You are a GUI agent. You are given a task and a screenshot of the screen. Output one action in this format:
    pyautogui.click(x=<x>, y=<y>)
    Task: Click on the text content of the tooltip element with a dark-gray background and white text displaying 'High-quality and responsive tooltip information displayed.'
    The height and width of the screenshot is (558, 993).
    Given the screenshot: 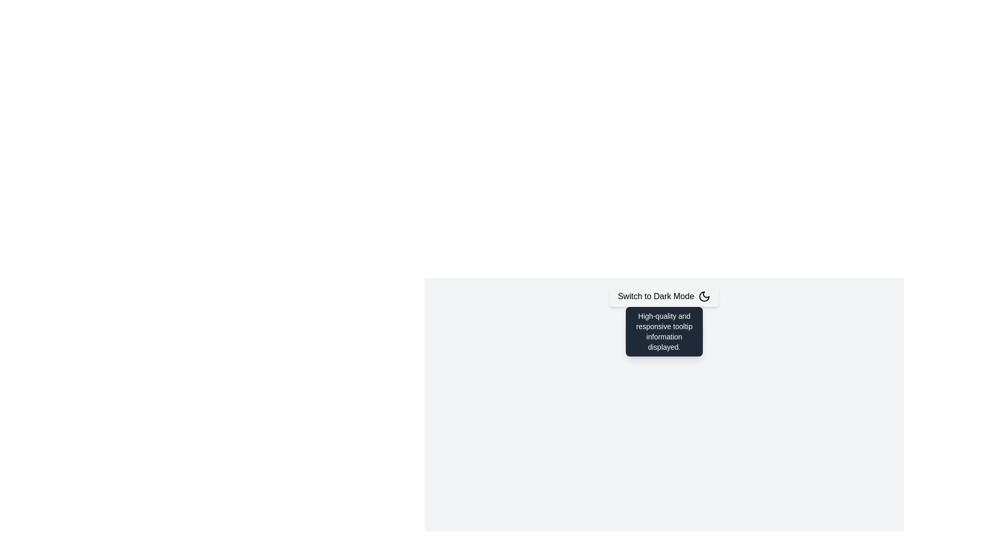 What is the action you would take?
    pyautogui.click(x=664, y=331)
    